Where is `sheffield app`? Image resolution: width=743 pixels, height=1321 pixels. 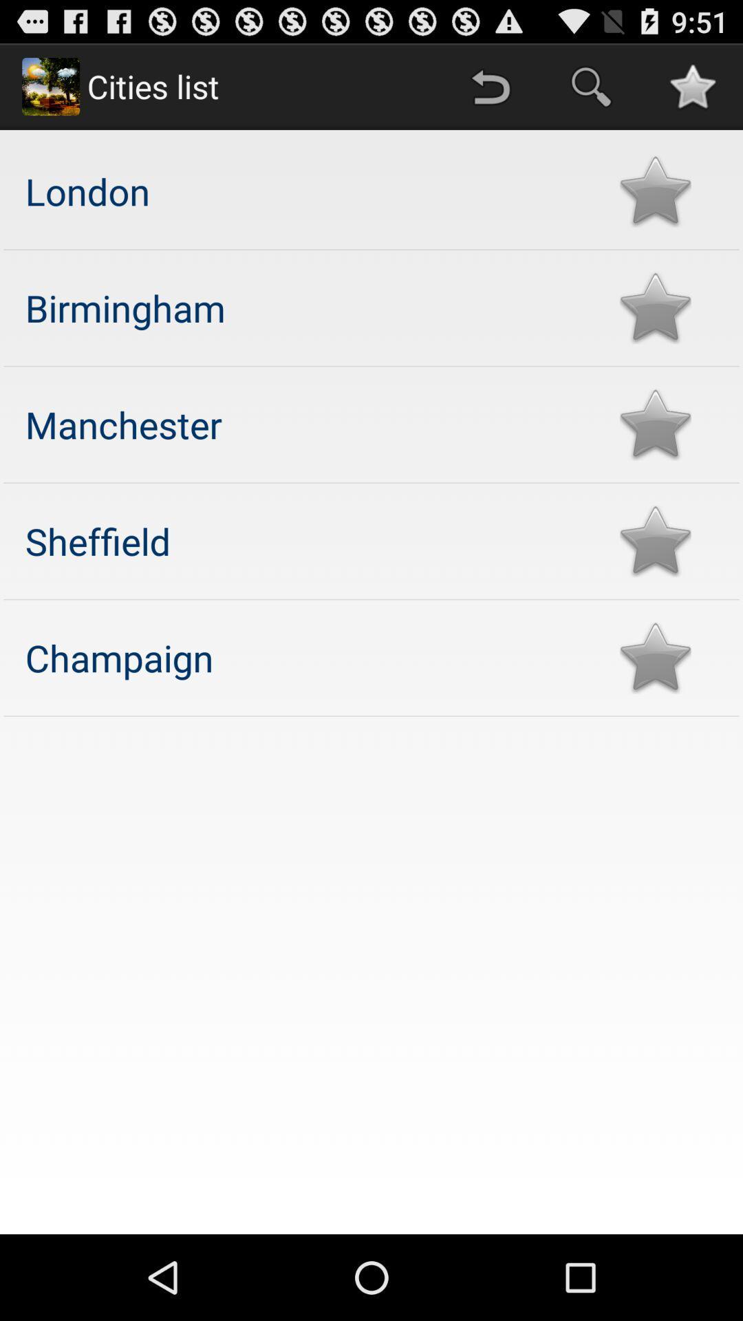
sheffield app is located at coordinates (308, 540).